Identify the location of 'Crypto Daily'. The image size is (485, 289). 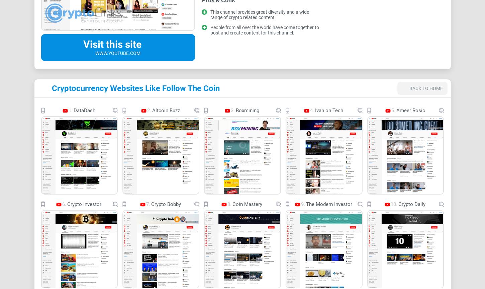
(412, 204).